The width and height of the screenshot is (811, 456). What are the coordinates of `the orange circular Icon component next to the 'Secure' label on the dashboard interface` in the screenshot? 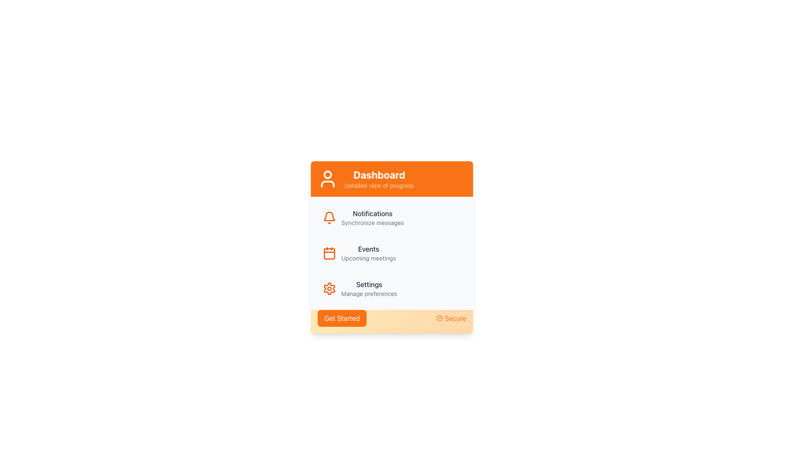 It's located at (439, 318).